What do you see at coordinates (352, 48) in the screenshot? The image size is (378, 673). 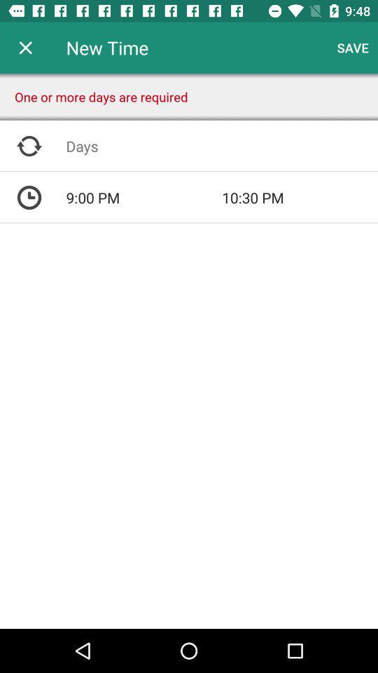 I see `item next to new time icon` at bounding box center [352, 48].